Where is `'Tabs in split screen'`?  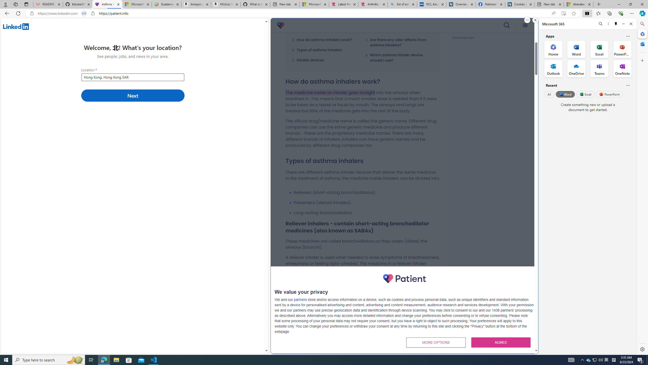
'Tabs in split screen' is located at coordinates (84, 13).